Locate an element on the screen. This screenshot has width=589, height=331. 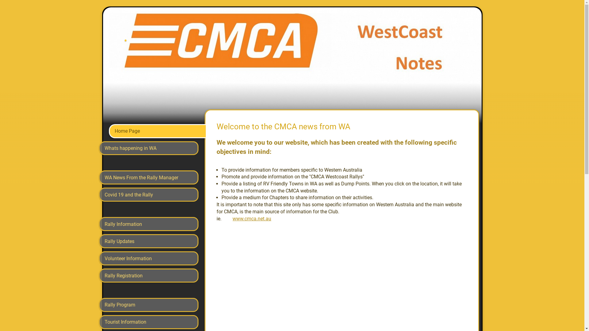
'Tourist Information' is located at coordinates (148, 321).